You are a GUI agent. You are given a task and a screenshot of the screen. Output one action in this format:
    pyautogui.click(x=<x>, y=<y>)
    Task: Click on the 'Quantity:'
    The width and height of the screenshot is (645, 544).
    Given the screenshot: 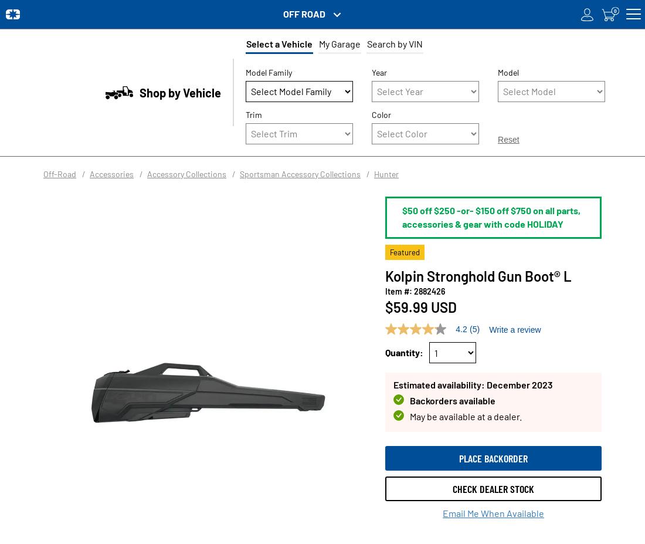 What is the action you would take?
    pyautogui.click(x=403, y=352)
    